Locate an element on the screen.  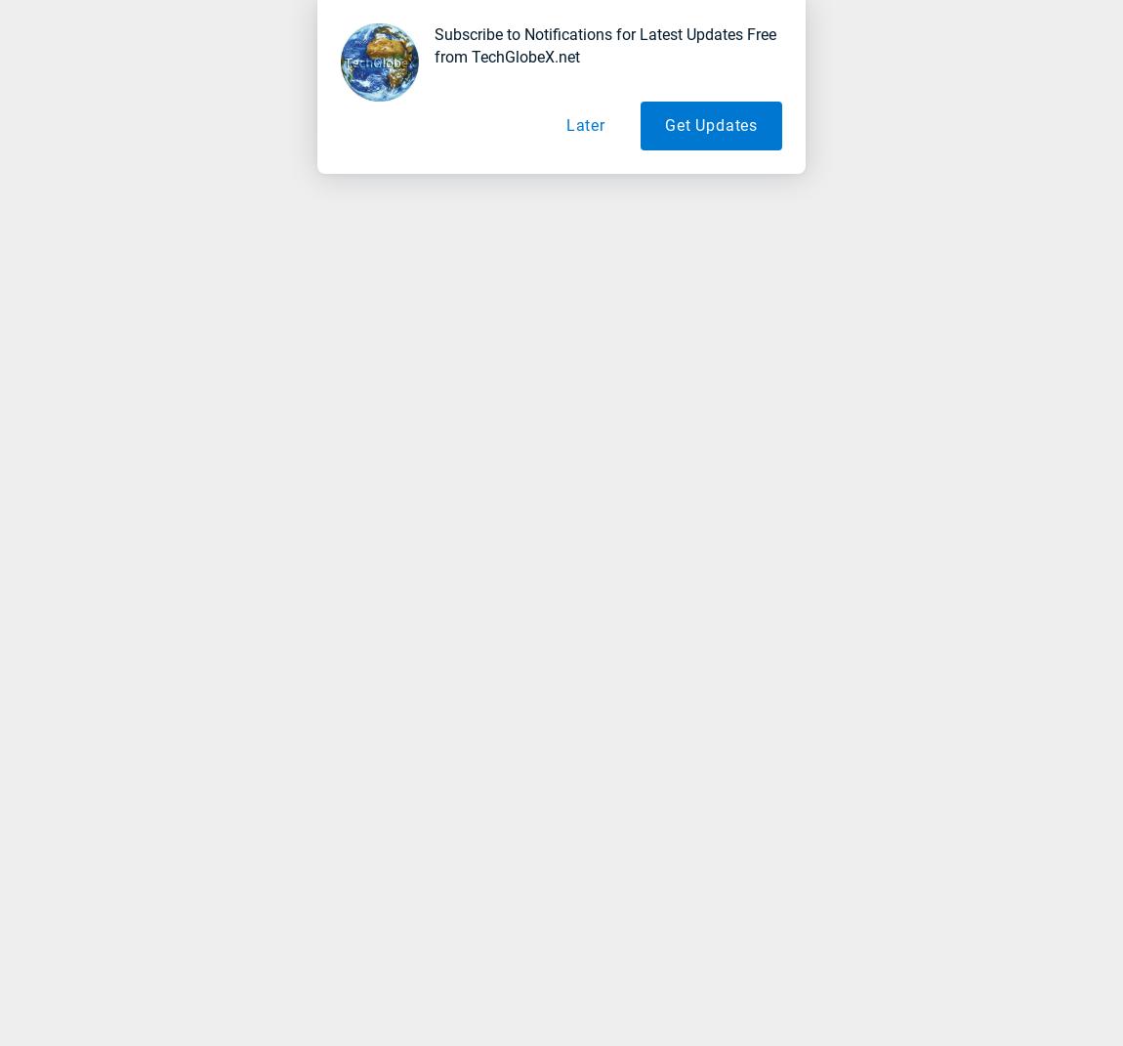
'Get Updates' is located at coordinates (710, 125).